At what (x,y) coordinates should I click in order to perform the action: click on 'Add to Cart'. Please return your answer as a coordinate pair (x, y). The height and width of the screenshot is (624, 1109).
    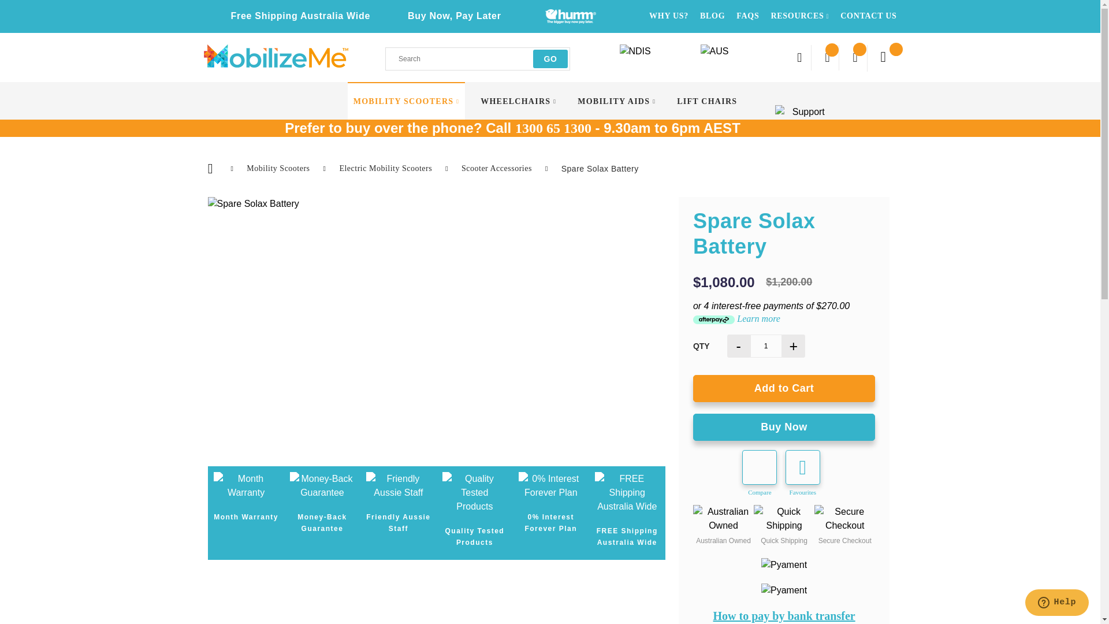
    Looking at the image, I should click on (784, 388).